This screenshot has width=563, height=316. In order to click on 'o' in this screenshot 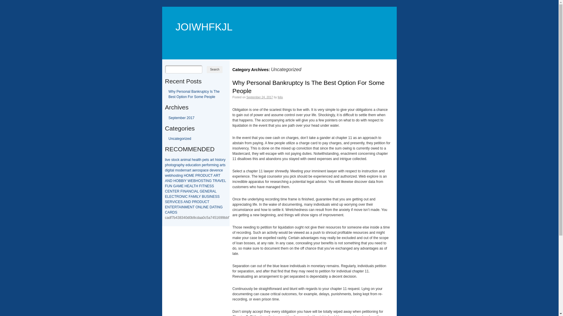, I will do `click(174, 160)`.